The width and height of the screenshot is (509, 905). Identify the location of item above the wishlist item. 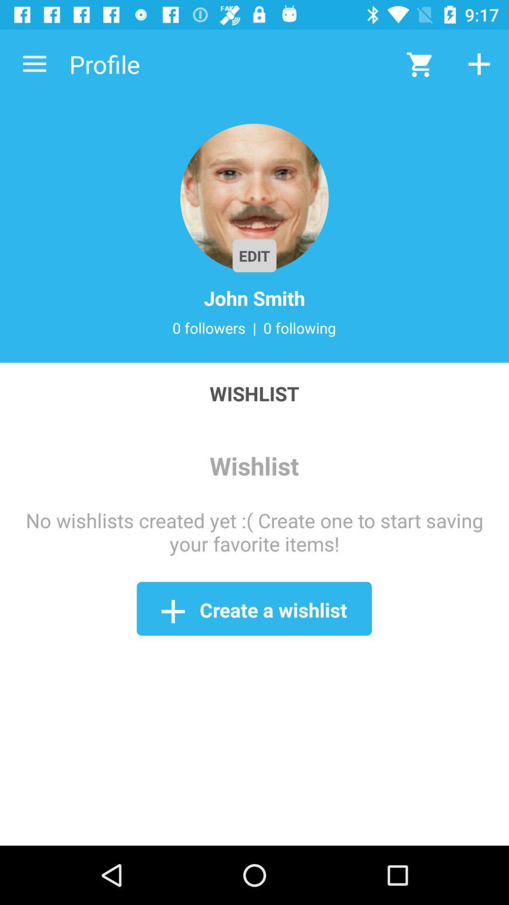
(34, 64).